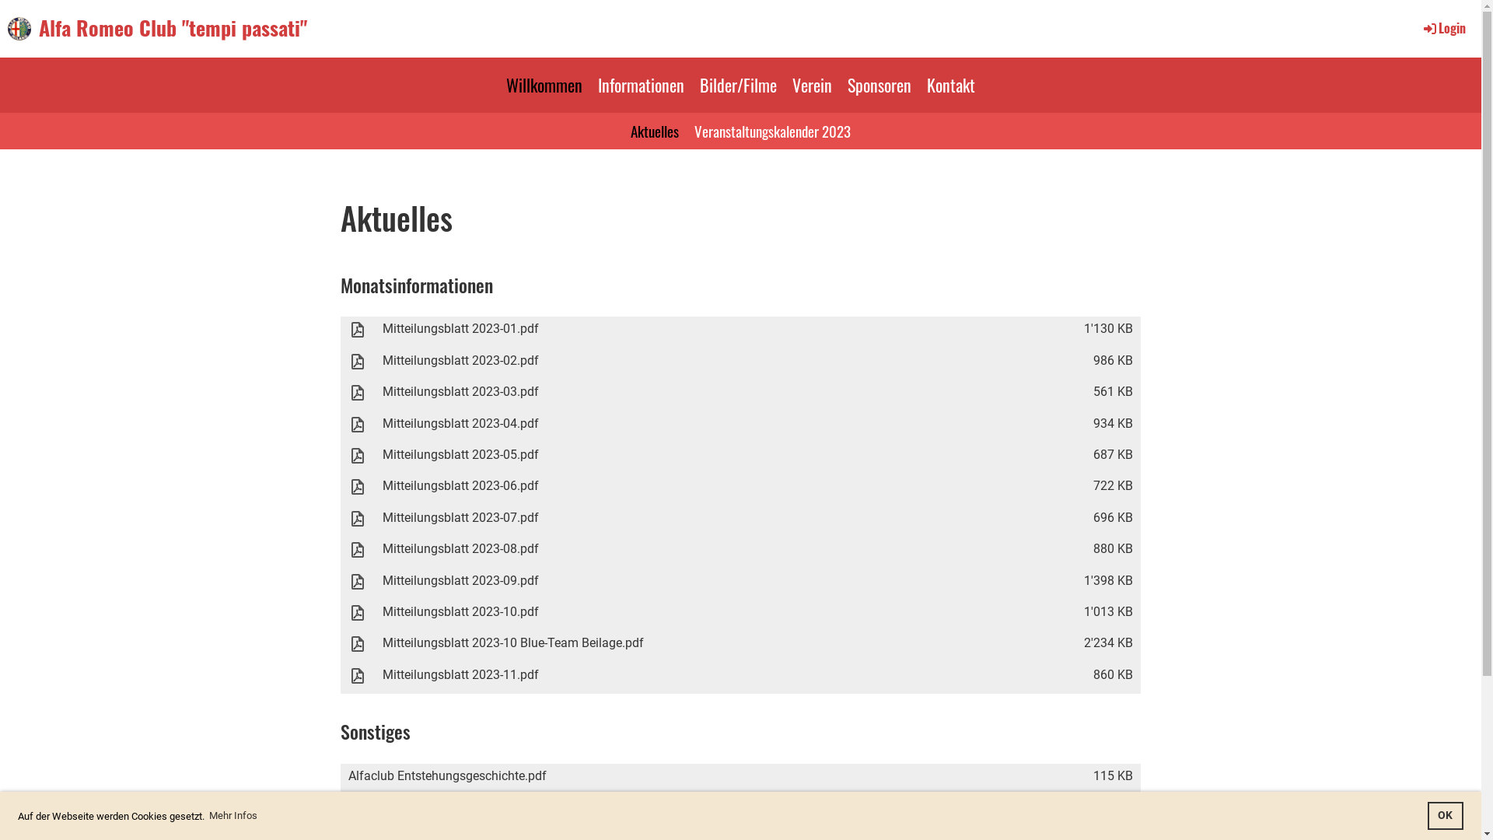  I want to click on 'OK', so click(1444, 815).